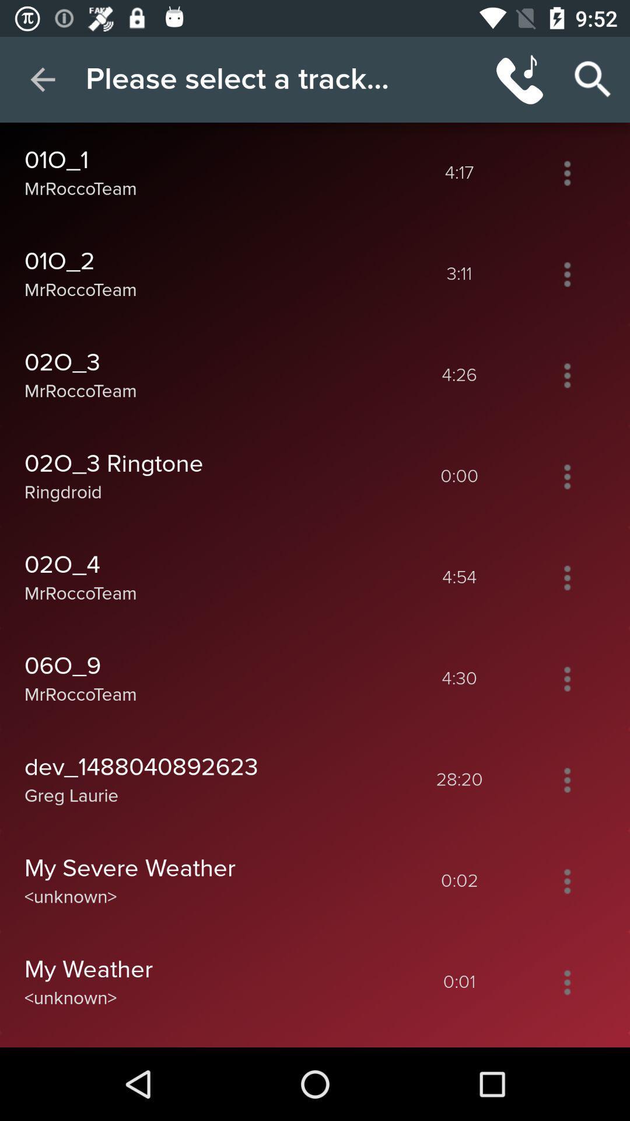 The height and width of the screenshot is (1121, 630). What do you see at coordinates (566, 476) in the screenshot?
I see `more options icon left to 000` at bounding box center [566, 476].